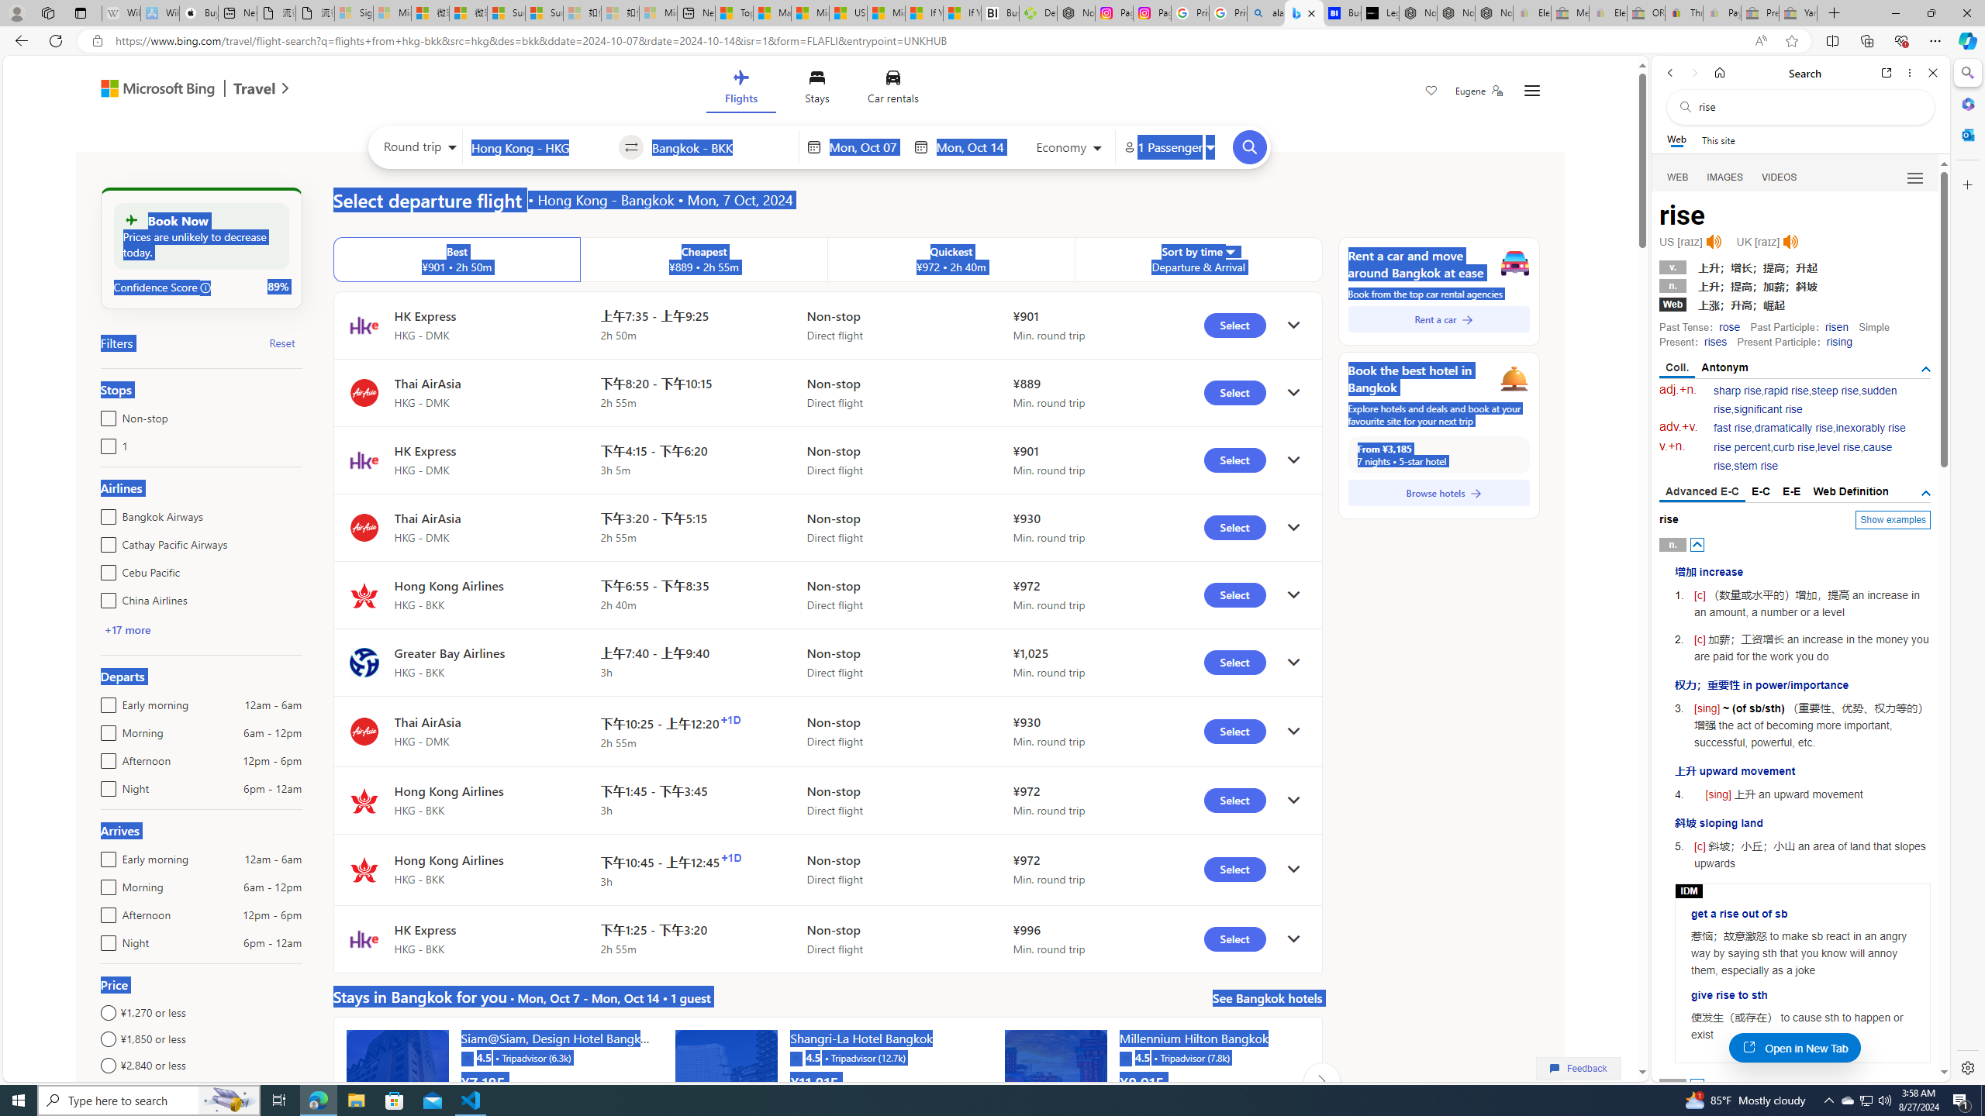 The height and width of the screenshot is (1116, 1985). Describe the element at coordinates (1766, 409) in the screenshot. I see `'significant rise'` at that location.